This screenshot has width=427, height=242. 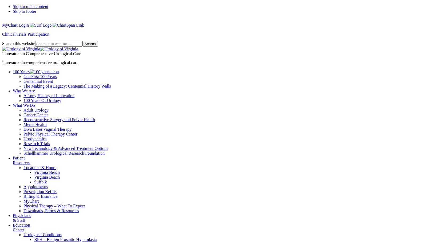 I want to click on 'New Technology & Advanced Treatment Options', so click(x=23, y=148).